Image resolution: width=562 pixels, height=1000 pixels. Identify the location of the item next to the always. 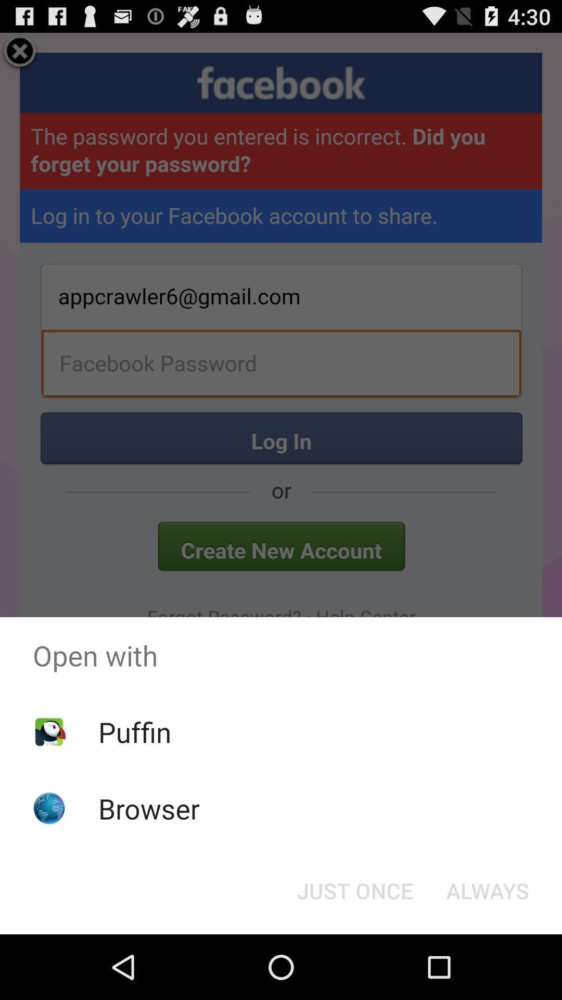
(354, 890).